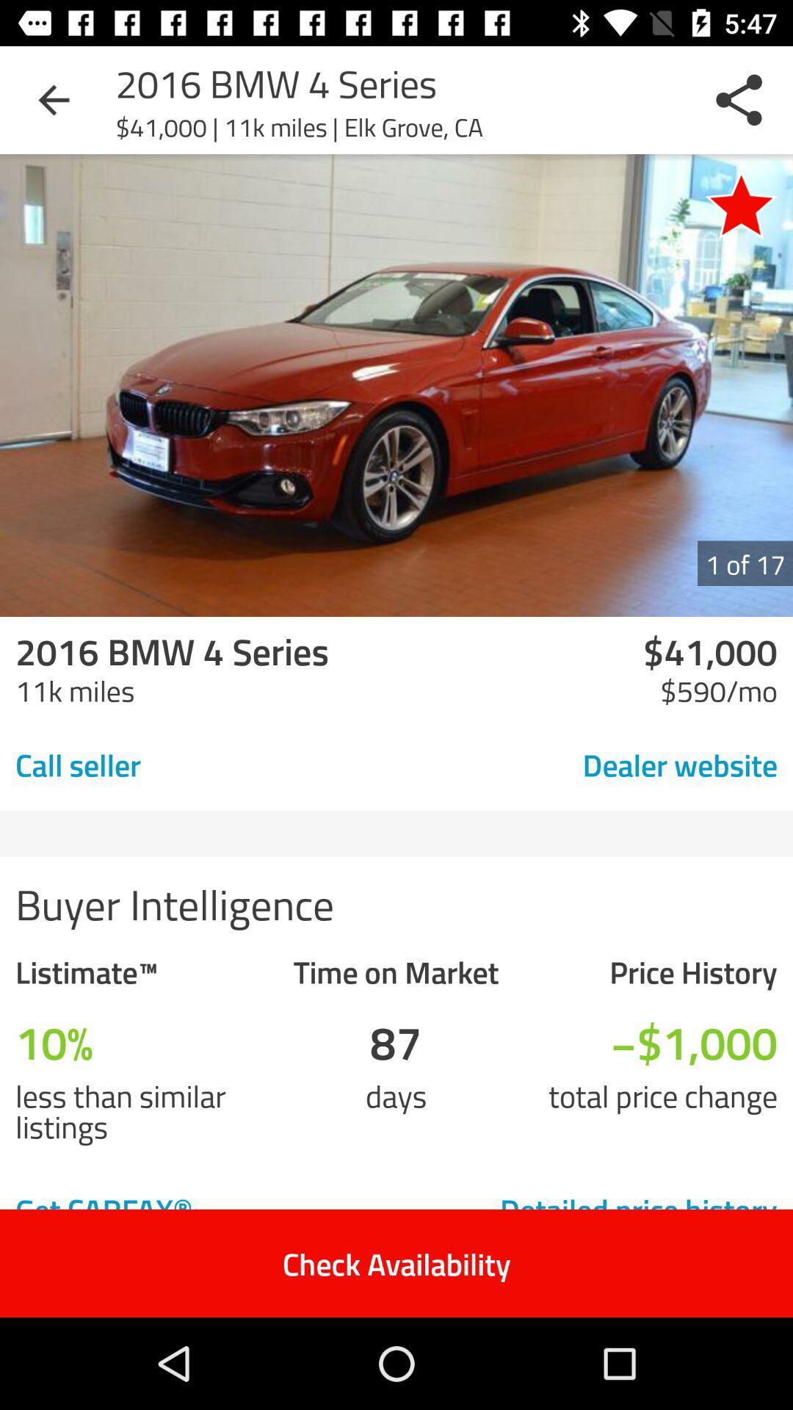  What do you see at coordinates (180, 764) in the screenshot?
I see `item below 11k miles icon` at bounding box center [180, 764].